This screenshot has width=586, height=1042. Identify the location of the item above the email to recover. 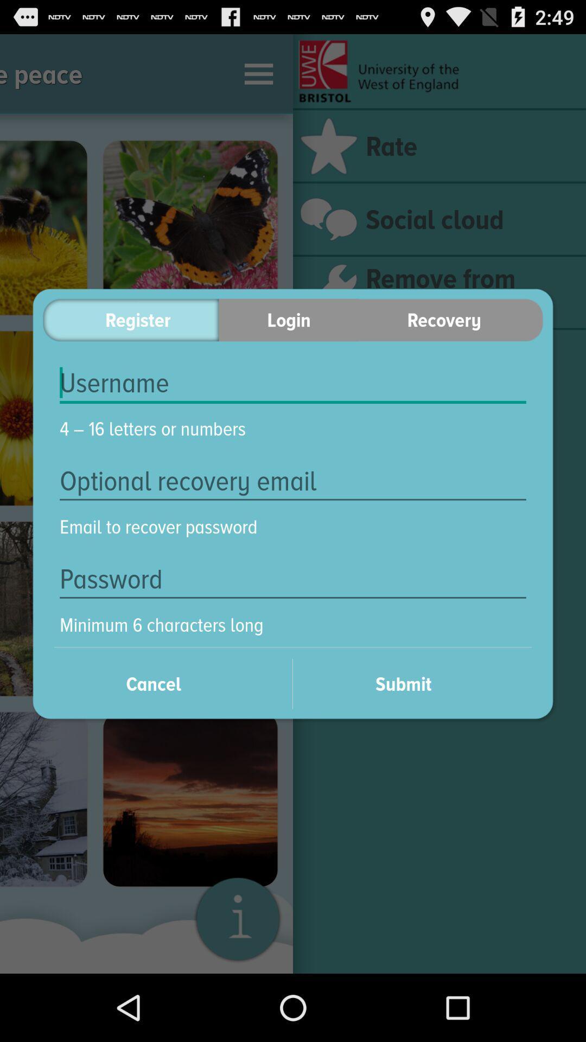
(293, 480).